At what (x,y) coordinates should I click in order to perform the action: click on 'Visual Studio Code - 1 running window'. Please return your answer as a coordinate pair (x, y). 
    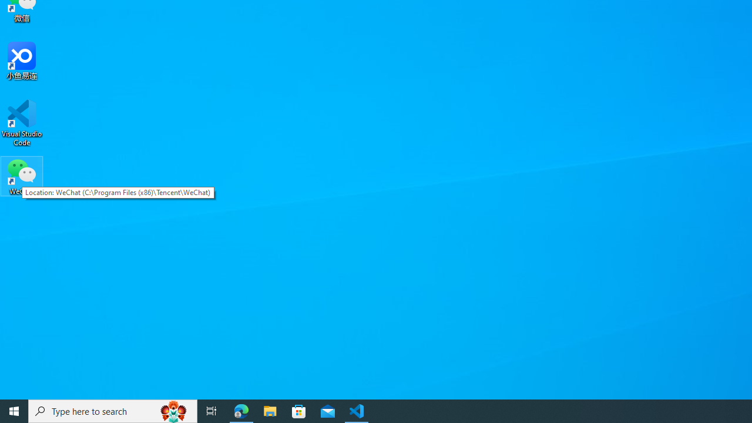
    Looking at the image, I should click on (356, 410).